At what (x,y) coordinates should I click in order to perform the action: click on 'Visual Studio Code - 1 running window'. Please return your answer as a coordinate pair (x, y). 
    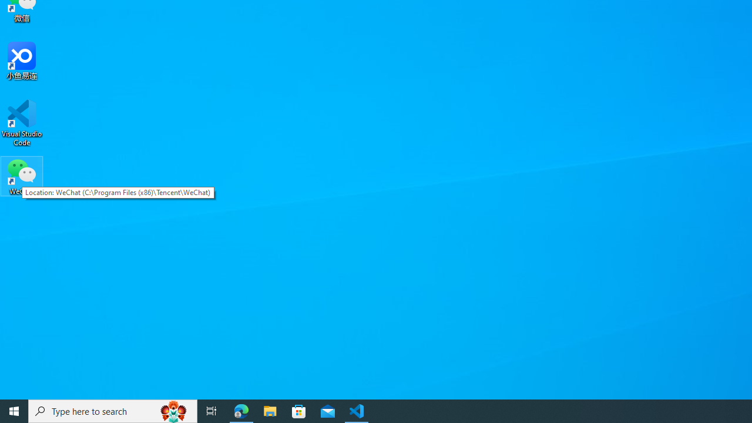
    Looking at the image, I should click on (356, 410).